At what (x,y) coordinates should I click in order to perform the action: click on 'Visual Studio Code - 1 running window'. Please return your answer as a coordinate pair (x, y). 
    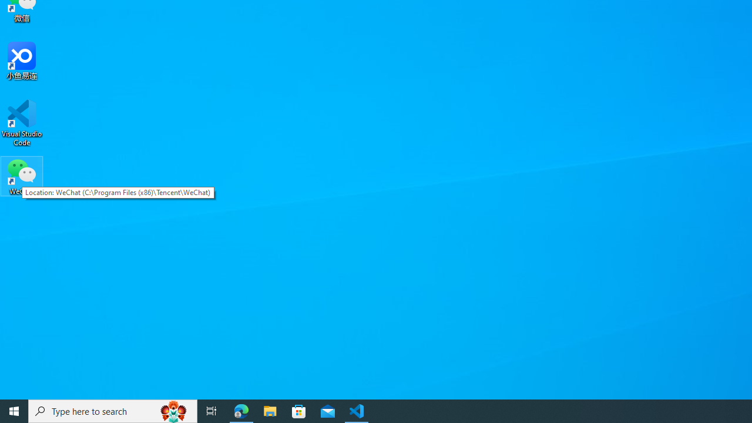
    Looking at the image, I should click on (356, 410).